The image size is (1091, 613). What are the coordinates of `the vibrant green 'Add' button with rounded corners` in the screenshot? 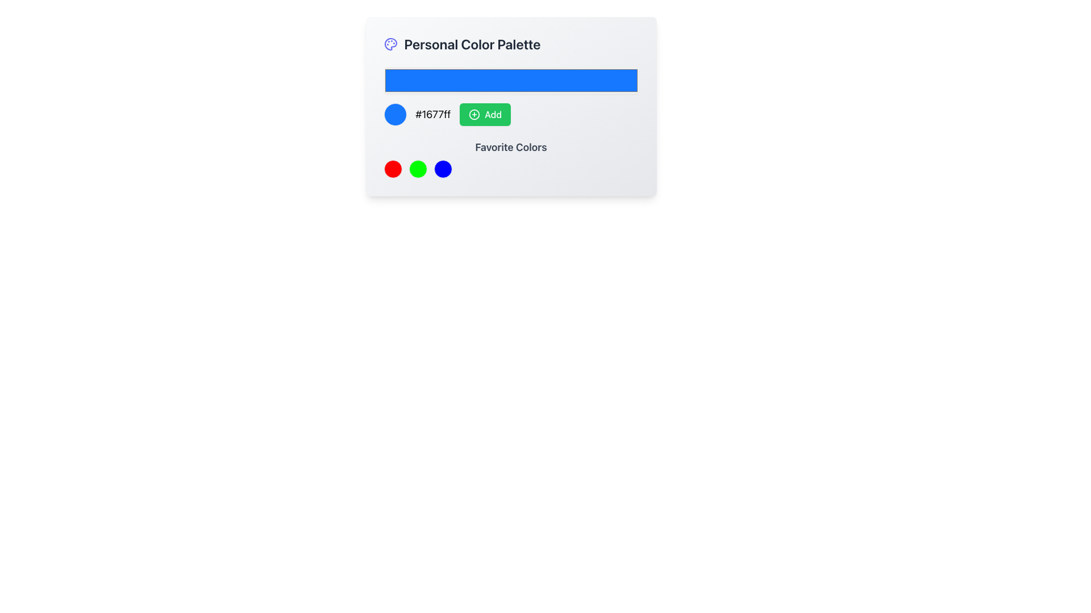 It's located at (485, 114).